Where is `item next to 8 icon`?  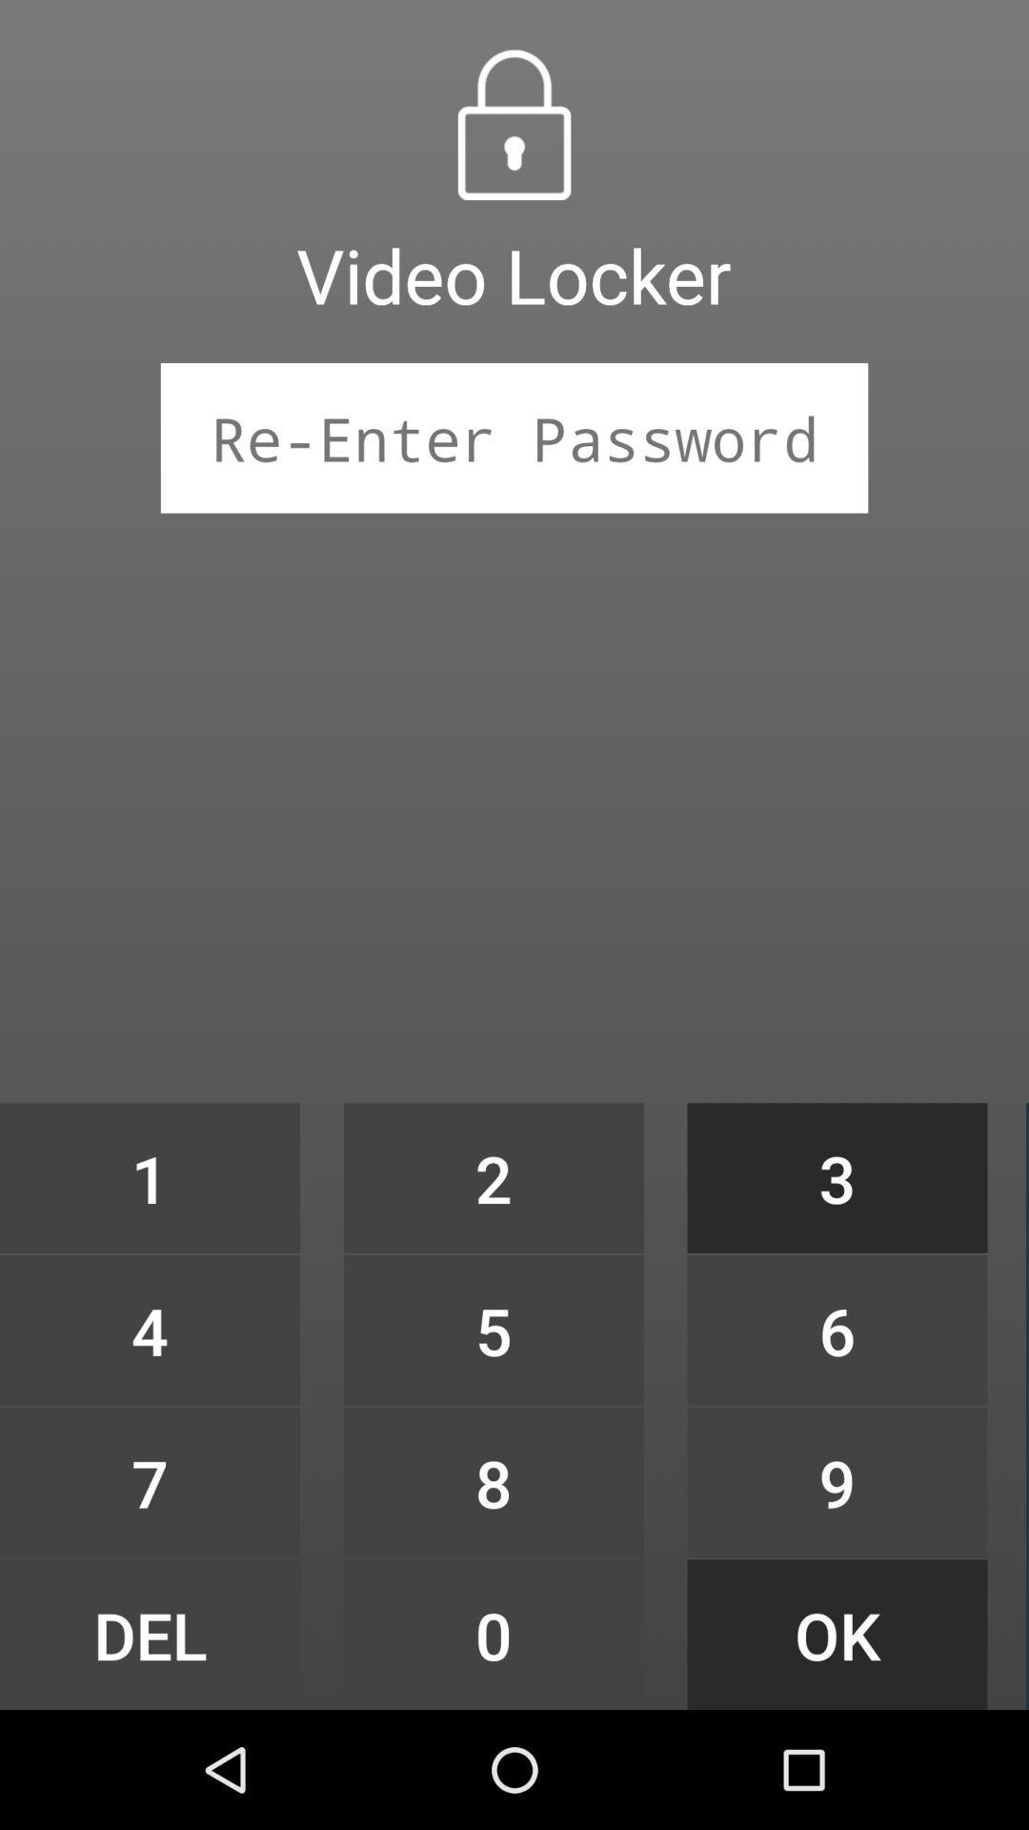
item next to 8 icon is located at coordinates (149, 1634).